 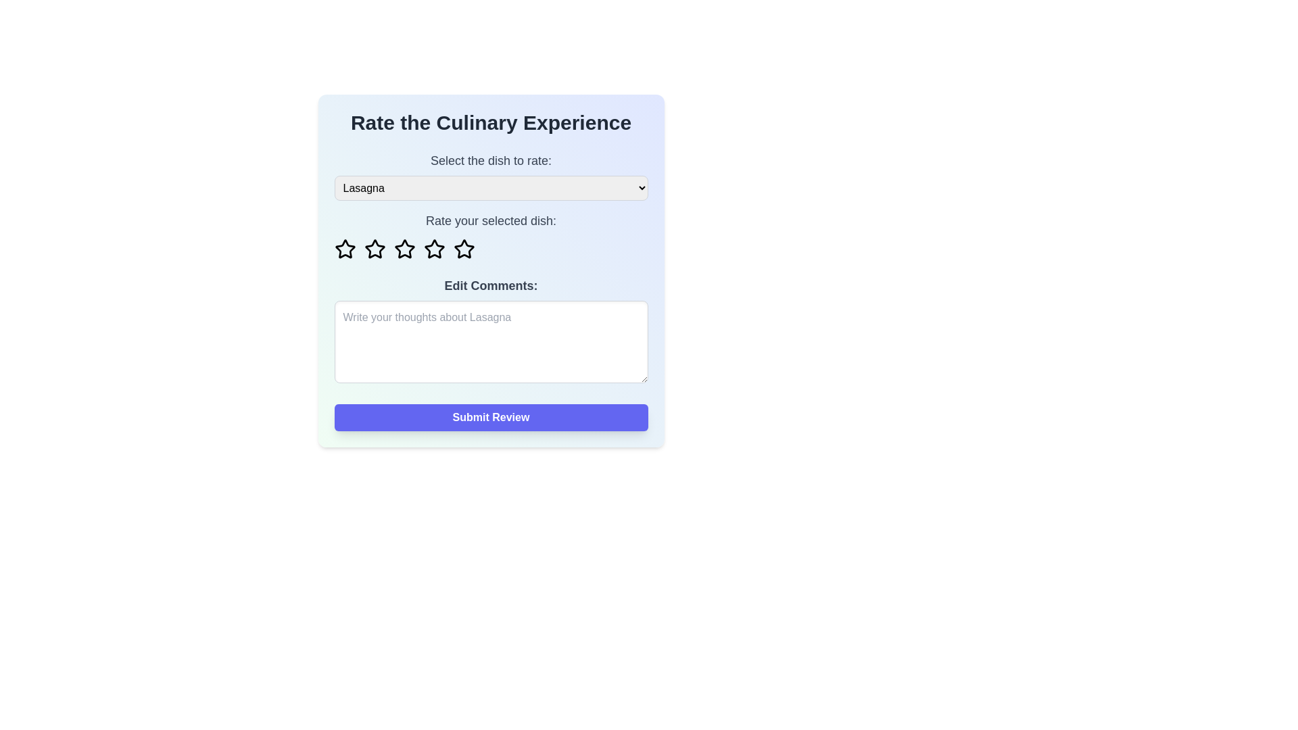 What do you see at coordinates (375, 249) in the screenshot?
I see `the second star icon in the row of five stars used for rating a dish` at bounding box center [375, 249].